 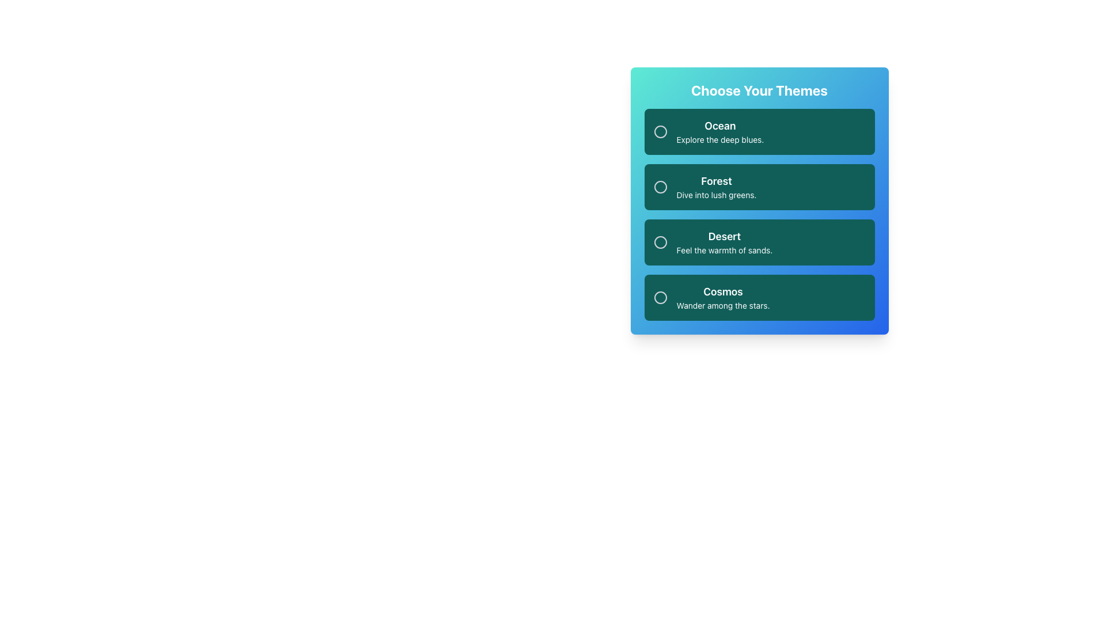 What do you see at coordinates (715, 181) in the screenshot?
I see `the 'Forest' text label` at bounding box center [715, 181].